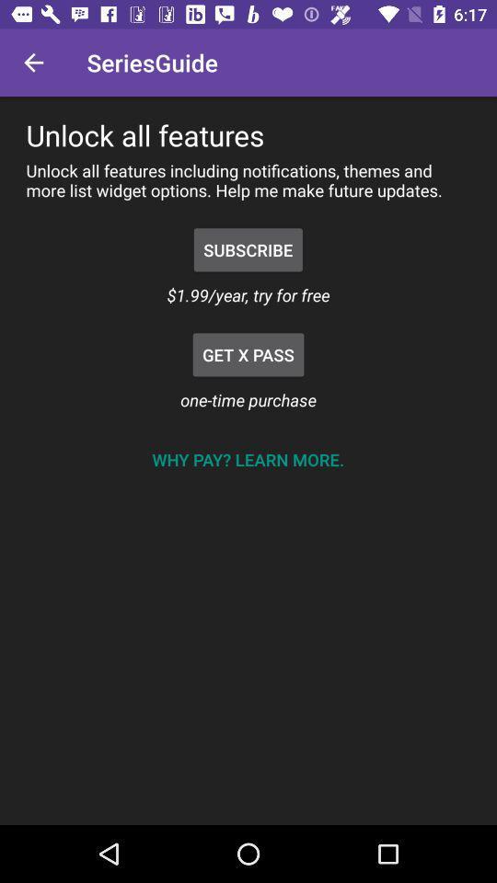 This screenshot has width=497, height=883. What do you see at coordinates (248, 248) in the screenshot?
I see `the subscribe icon` at bounding box center [248, 248].